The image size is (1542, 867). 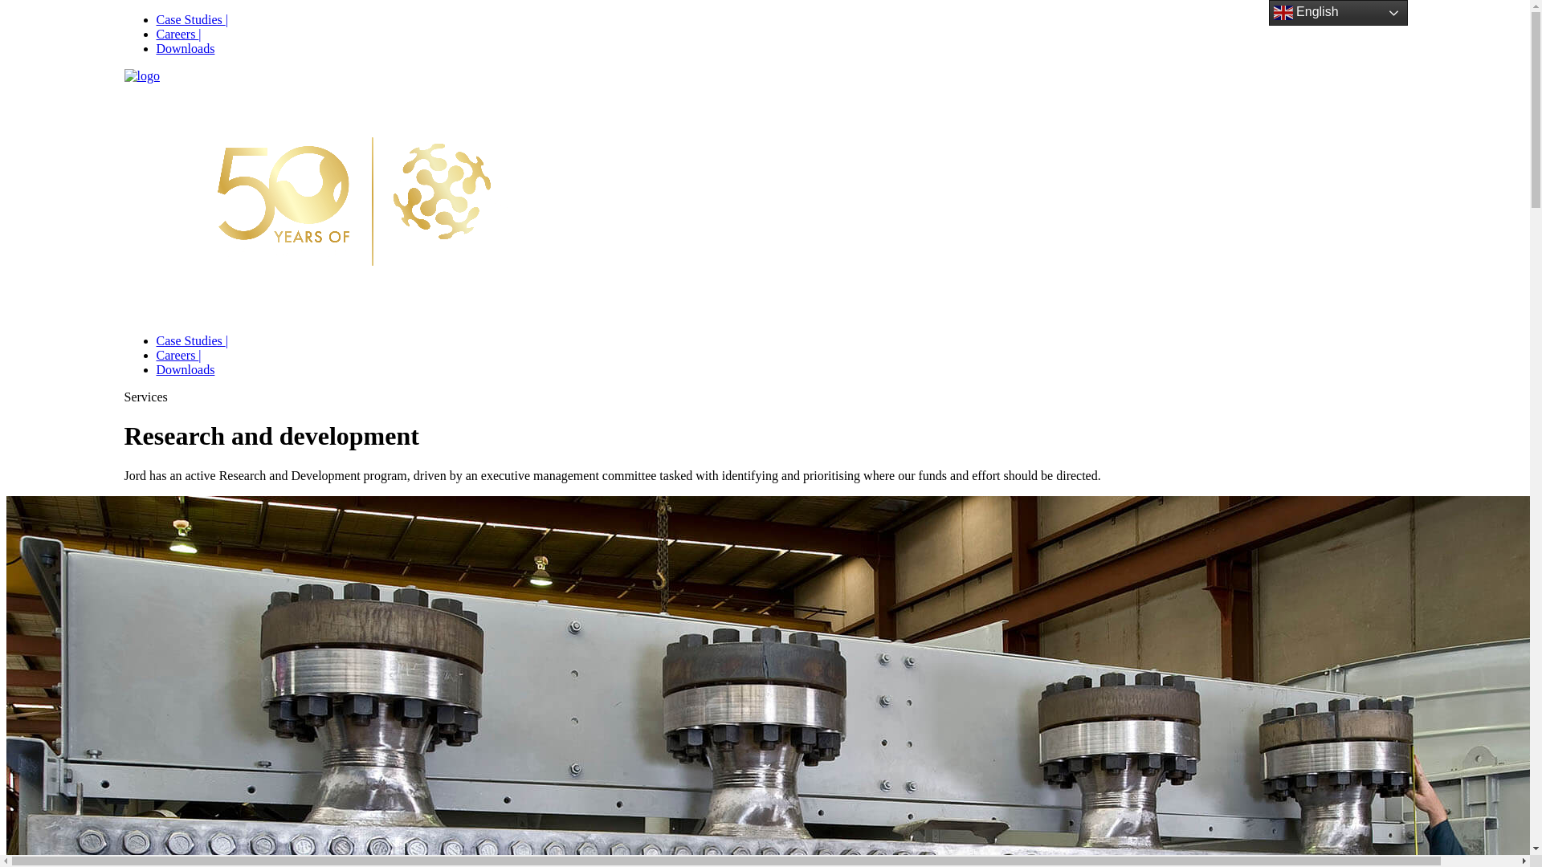 What do you see at coordinates (155, 369) in the screenshot?
I see `'Downloads'` at bounding box center [155, 369].